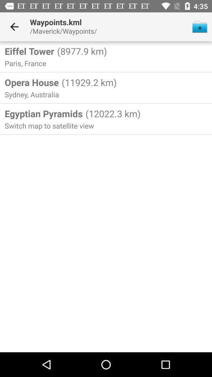 This screenshot has width=212, height=377. I want to click on the icon below the  (11929.2 km), so click(111, 113).